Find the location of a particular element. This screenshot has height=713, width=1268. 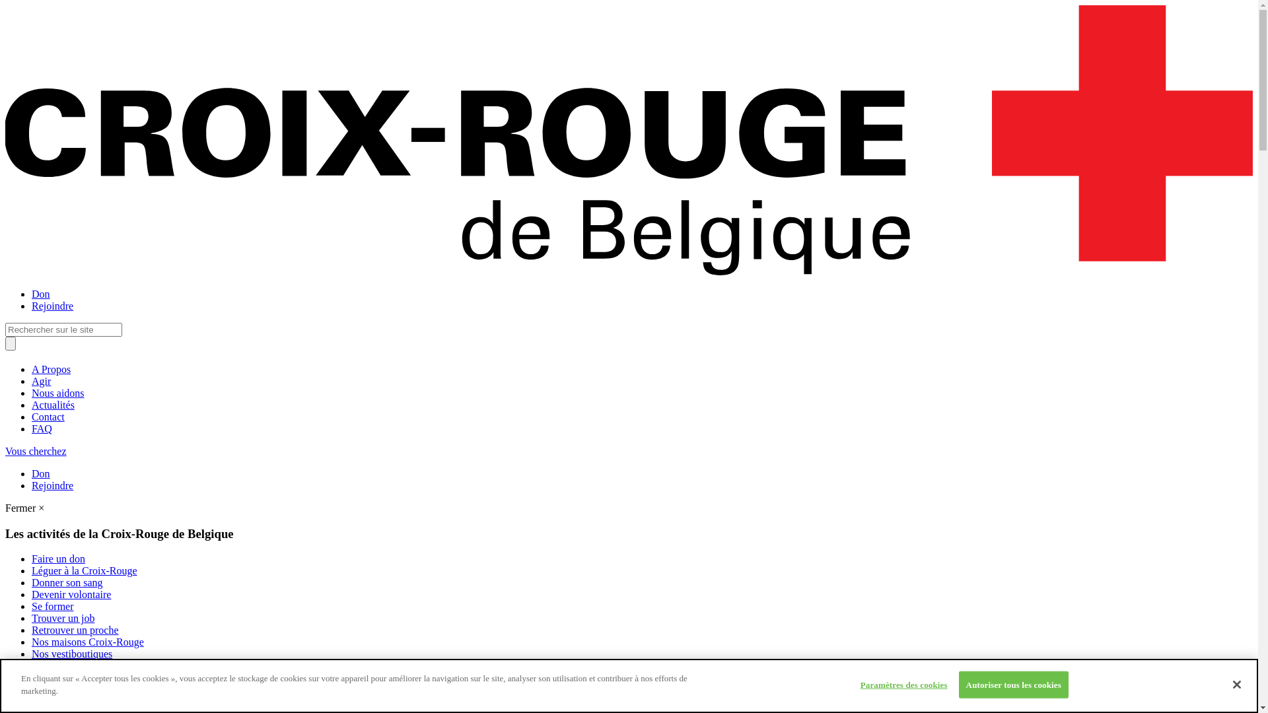

'Nous aidons' is located at coordinates (32, 392).